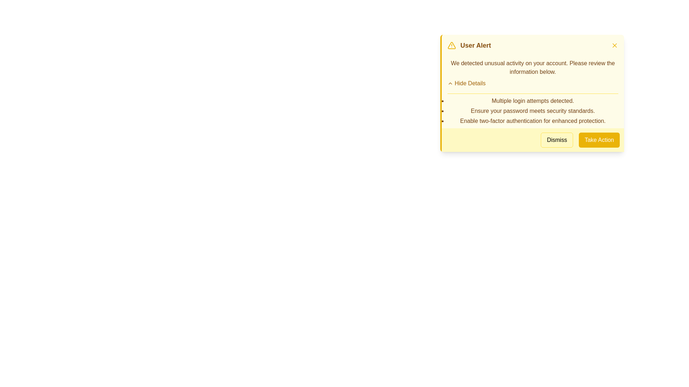 Image resolution: width=689 pixels, height=387 pixels. What do you see at coordinates (533, 101) in the screenshot?
I see `the informational message about potential security issues due to multiple login attempts, which is the first item in a bullet-point list inside a yellow alert box` at bounding box center [533, 101].